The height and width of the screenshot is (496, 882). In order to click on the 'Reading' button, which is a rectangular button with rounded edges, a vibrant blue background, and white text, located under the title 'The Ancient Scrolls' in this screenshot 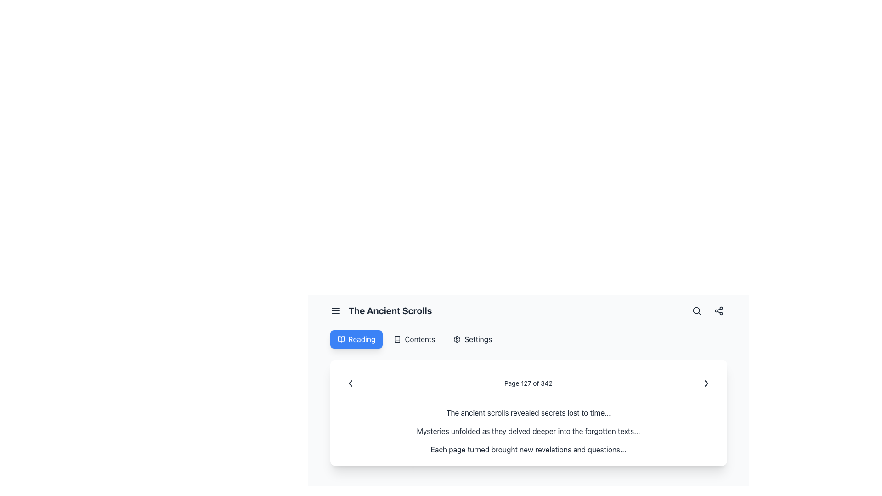, I will do `click(356, 339)`.